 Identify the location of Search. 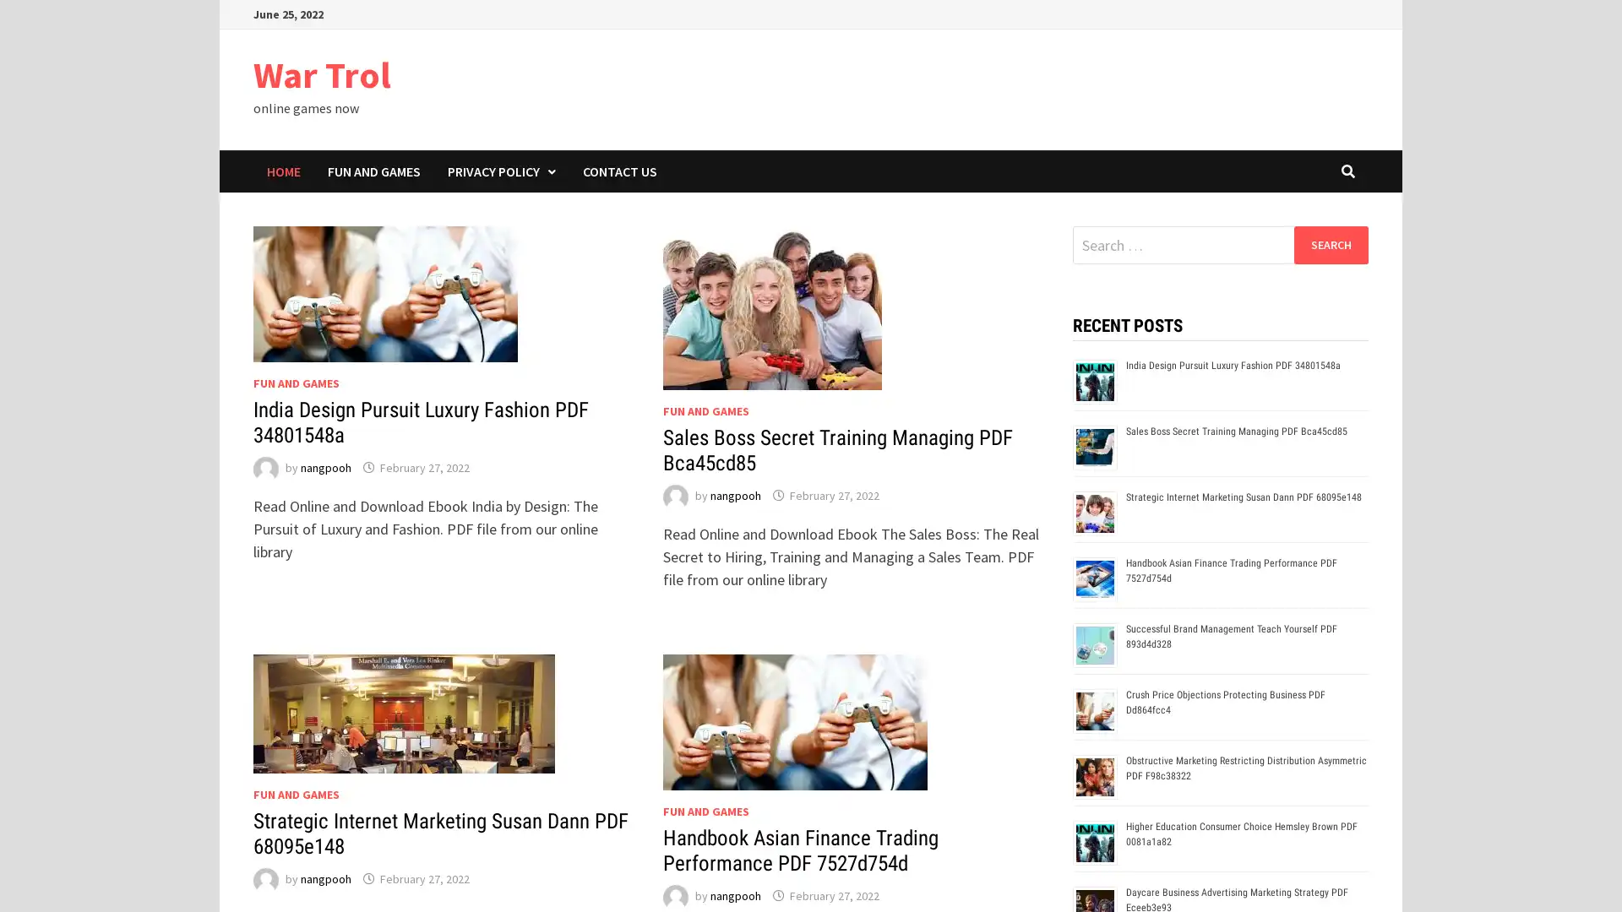
(1330, 244).